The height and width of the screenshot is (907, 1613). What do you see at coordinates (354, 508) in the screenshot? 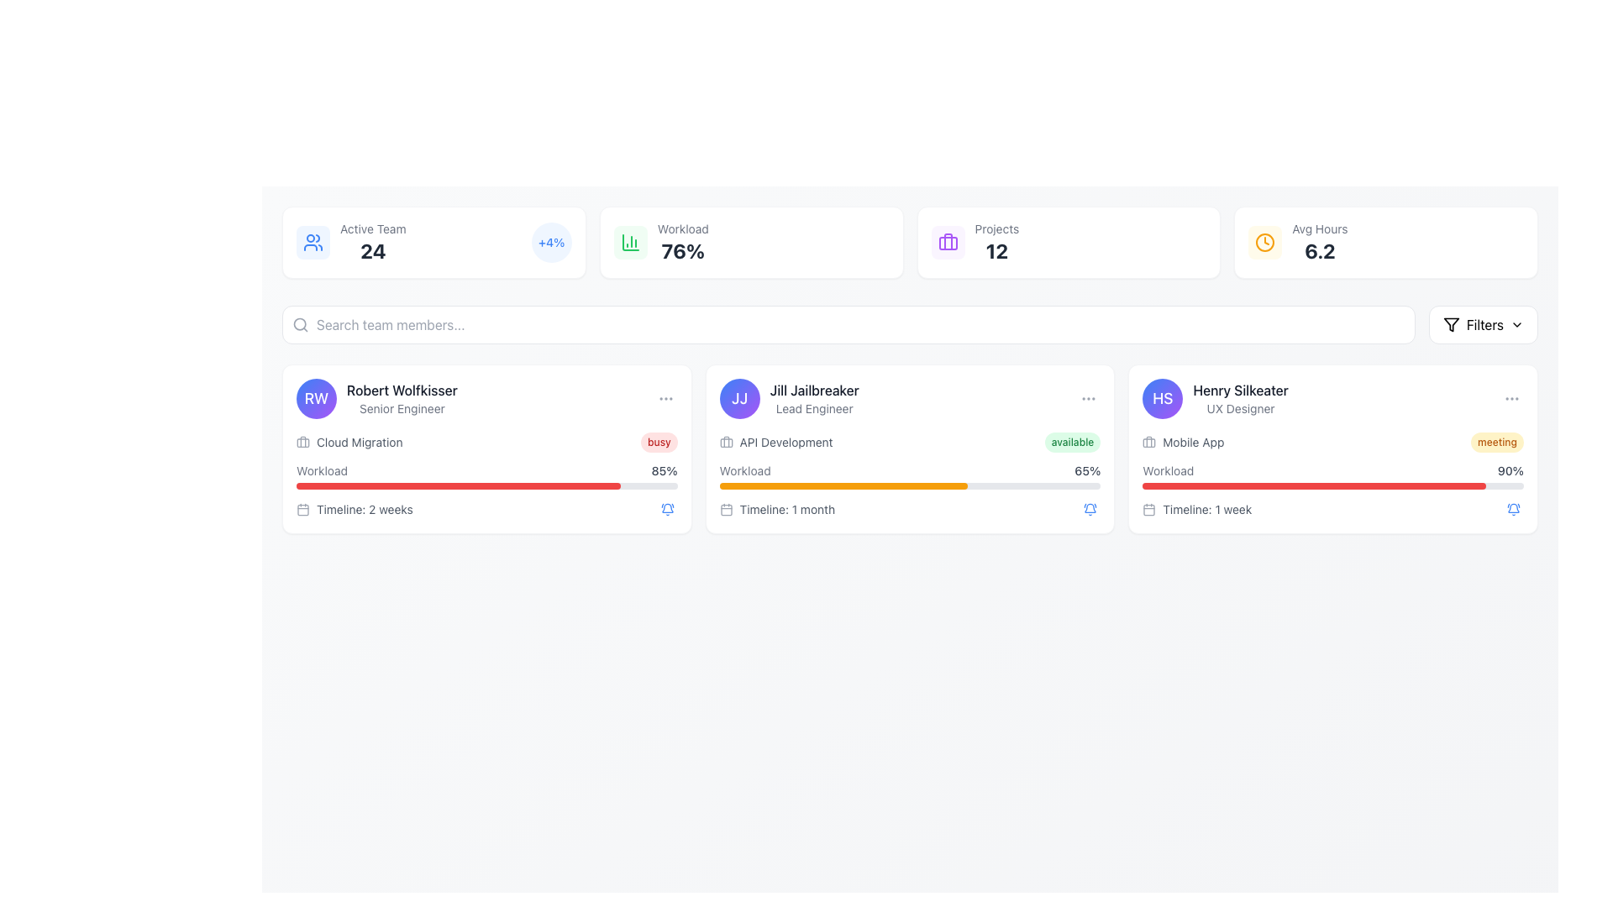
I see `the text label that reads 'Timeline: 2 weeks', which is styled in a small gray font and located next to a calendar icon in the bottom-left section of Robert Wolfkisser's card` at bounding box center [354, 508].